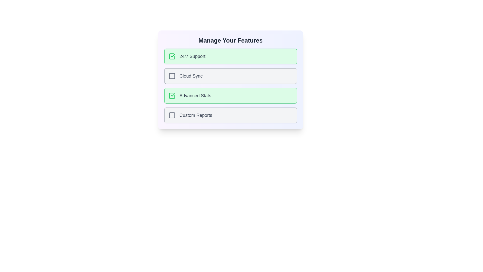 Image resolution: width=483 pixels, height=272 pixels. I want to click on the '24/7 Support' selectable feature within the green-highlighted box at the top of the options list, so click(187, 56).